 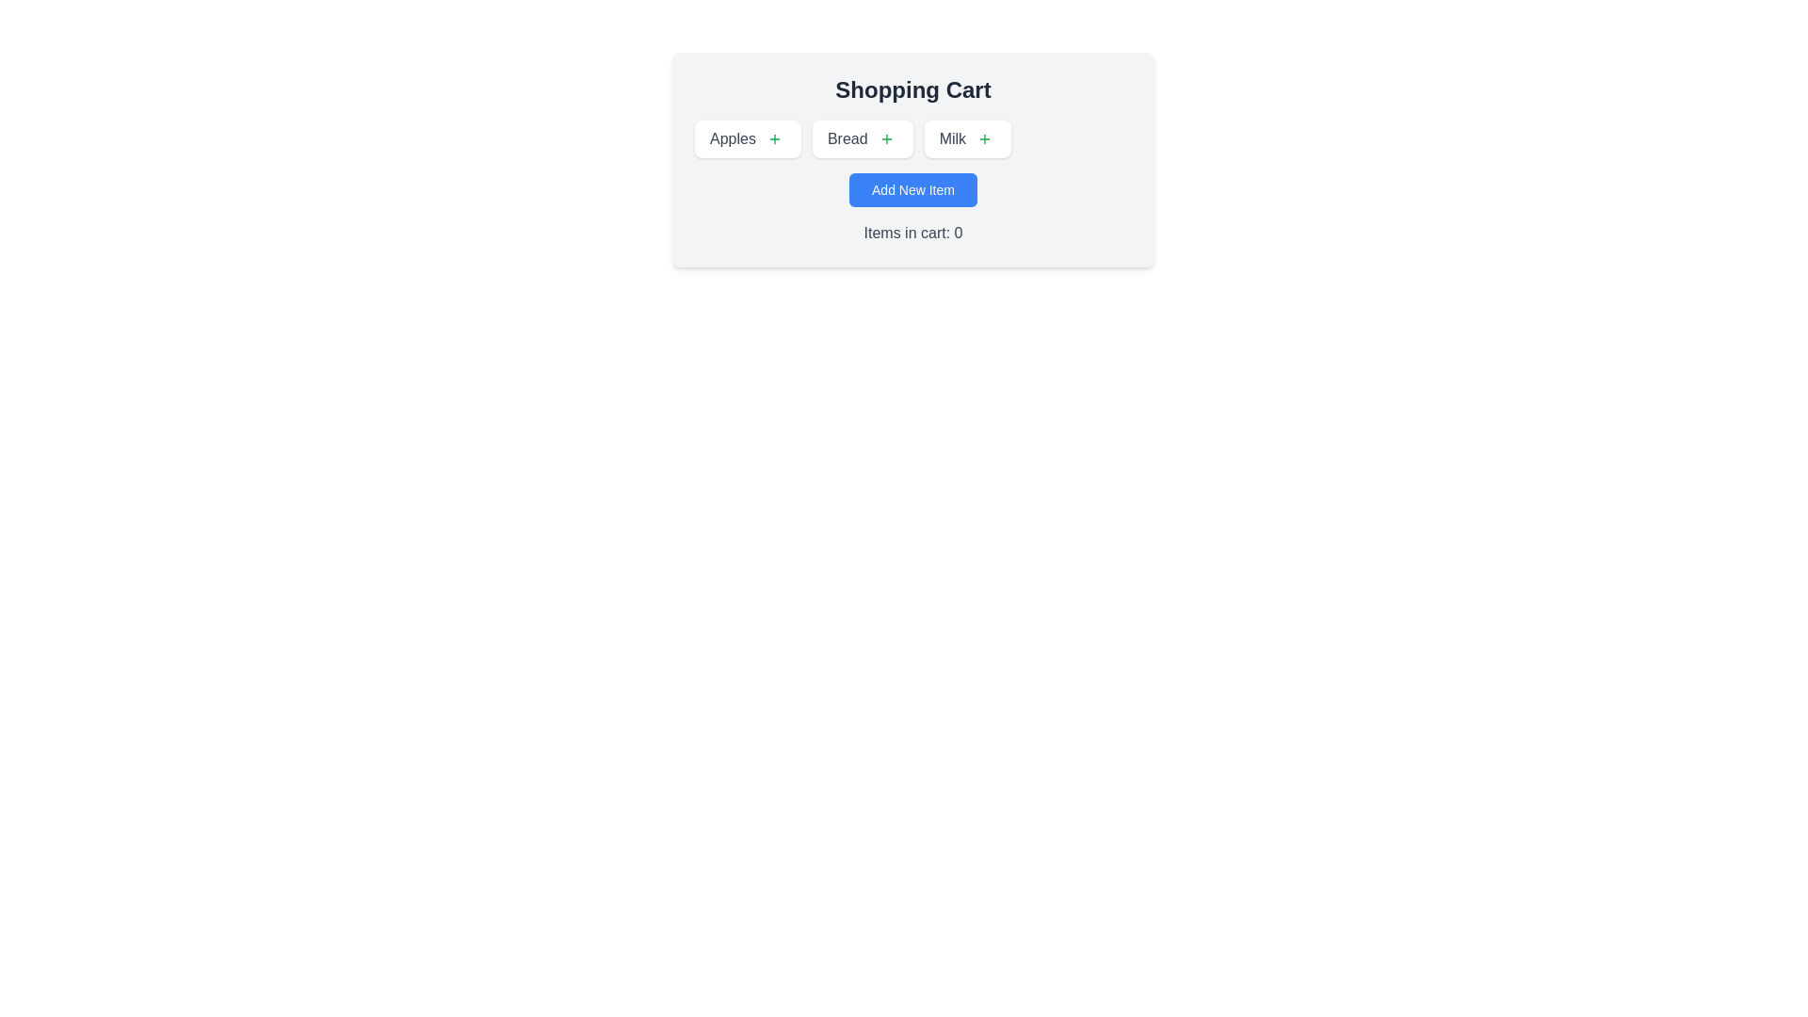 I want to click on the '+' button next to Apples to increment the cart count, so click(x=774, y=137).